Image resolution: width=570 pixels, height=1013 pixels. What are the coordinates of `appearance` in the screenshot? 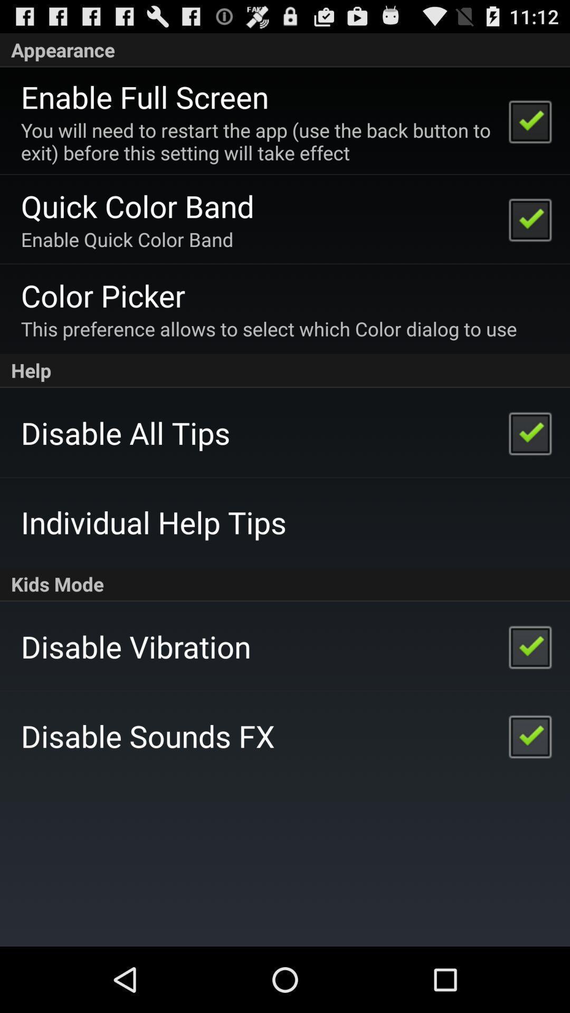 It's located at (285, 50).